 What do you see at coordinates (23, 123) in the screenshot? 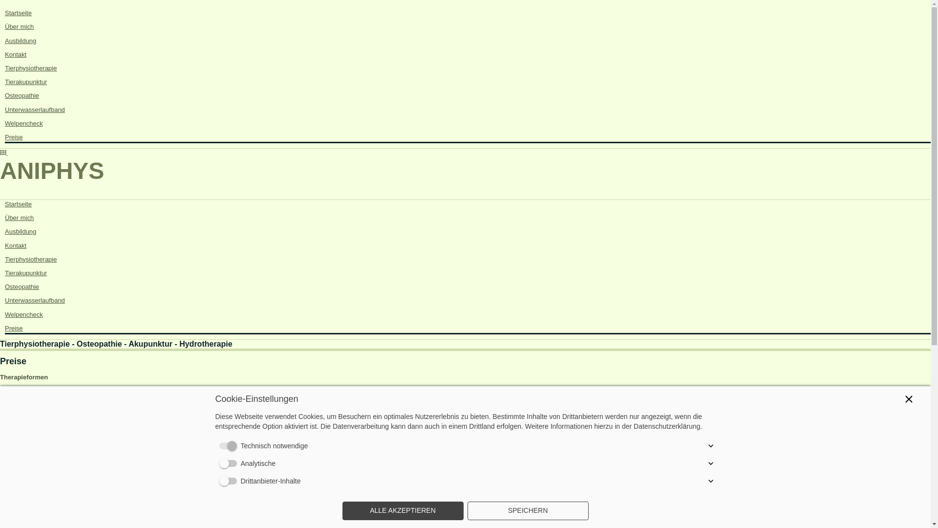
I see `'Welpencheck'` at bounding box center [23, 123].